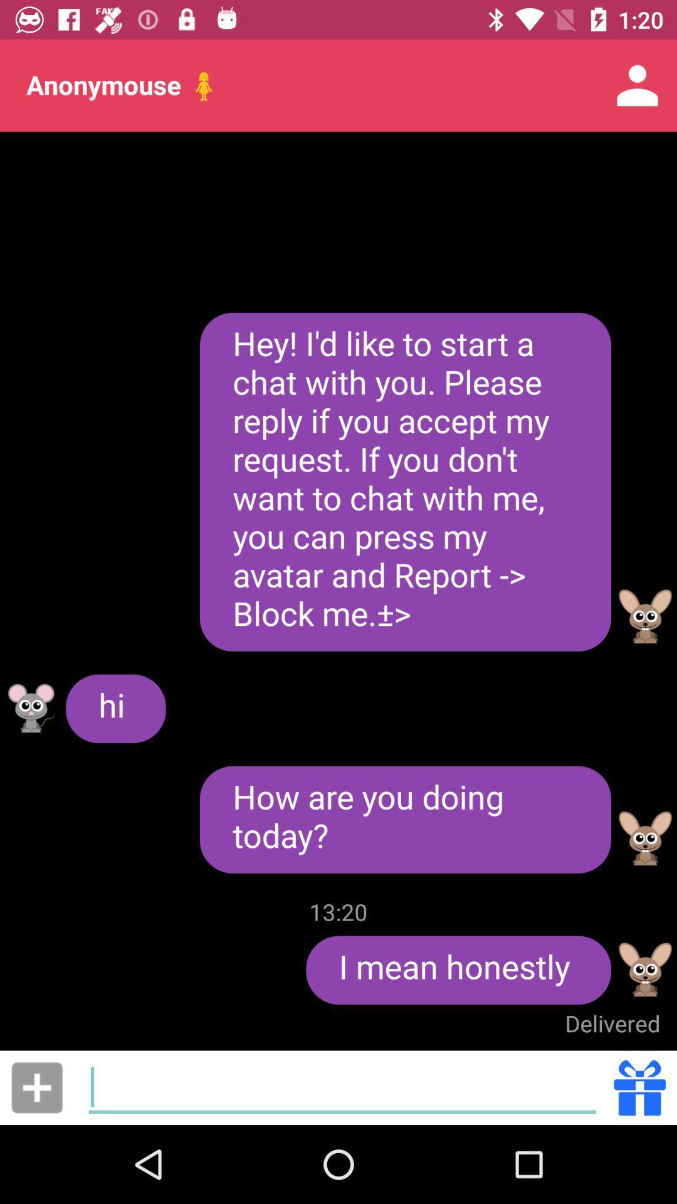 The height and width of the screenshot is (1204, 677). I want to click on the item below how are you icon, so click(338, 912).